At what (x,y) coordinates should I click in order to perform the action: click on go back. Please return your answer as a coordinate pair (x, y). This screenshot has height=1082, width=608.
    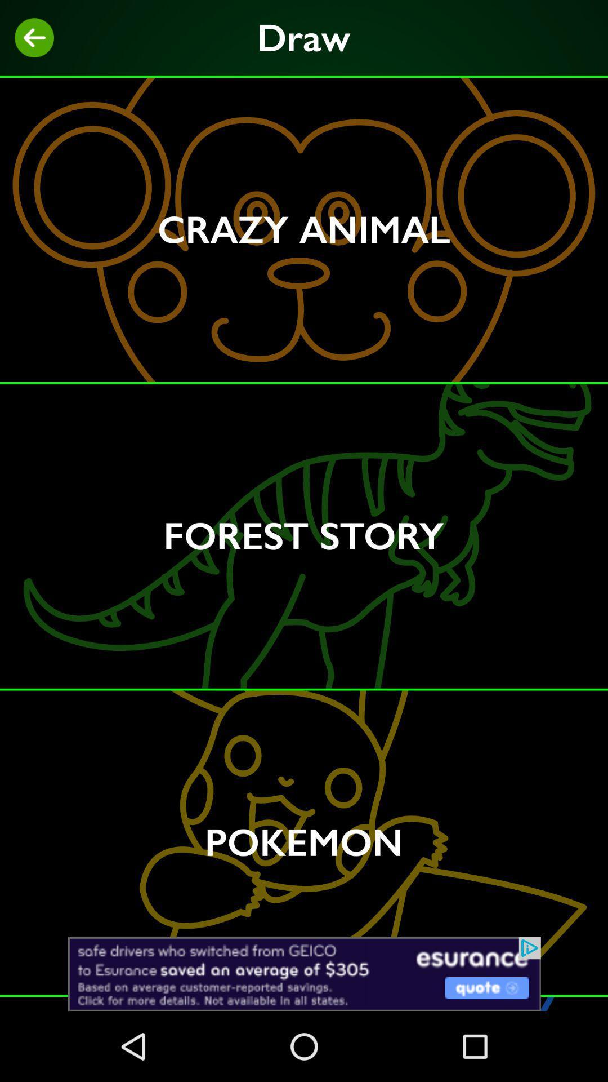
    Looking at the image, I should click on (34, 38).